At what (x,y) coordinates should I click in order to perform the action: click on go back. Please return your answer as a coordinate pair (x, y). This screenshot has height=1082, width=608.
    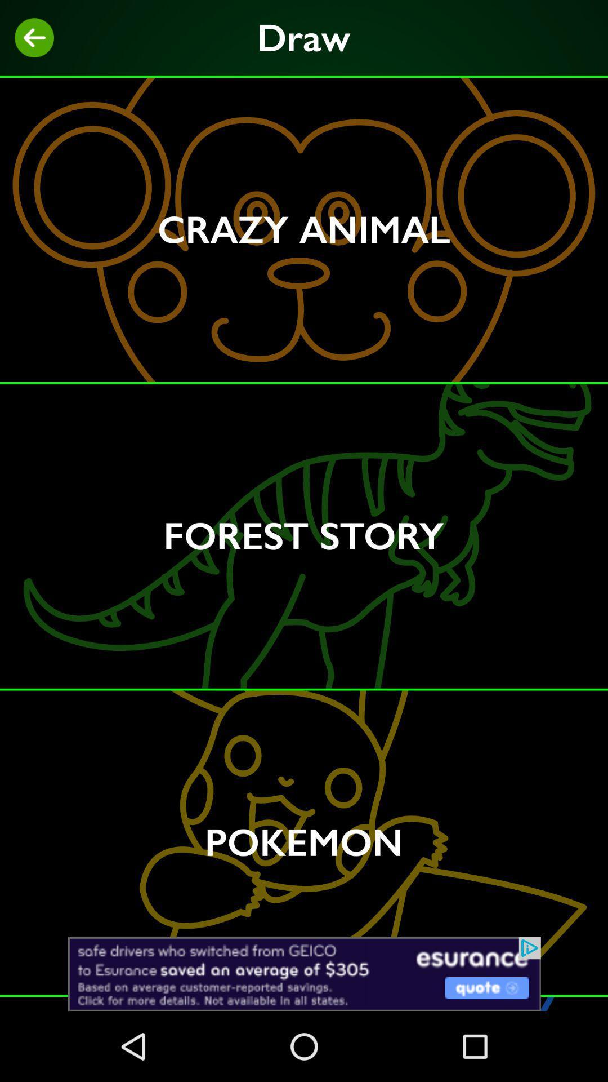
    Looking at the image, I should click on (34, 38).